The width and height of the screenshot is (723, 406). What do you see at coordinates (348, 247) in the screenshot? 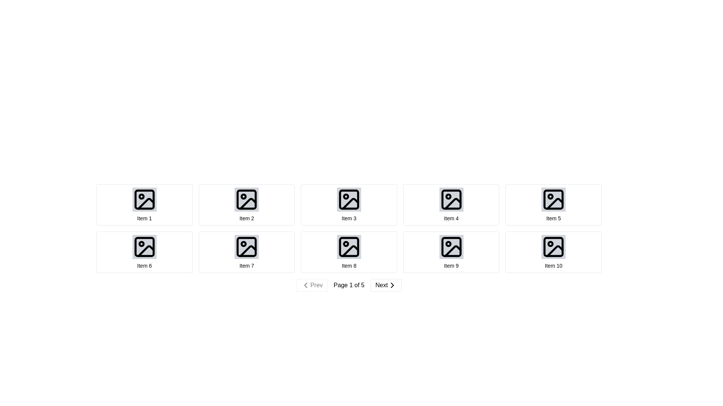
I see `the icon with a gray background and a minimalist design located within the group labeled 'Item 8' in the grid listing` at bounding box center [348, 247].